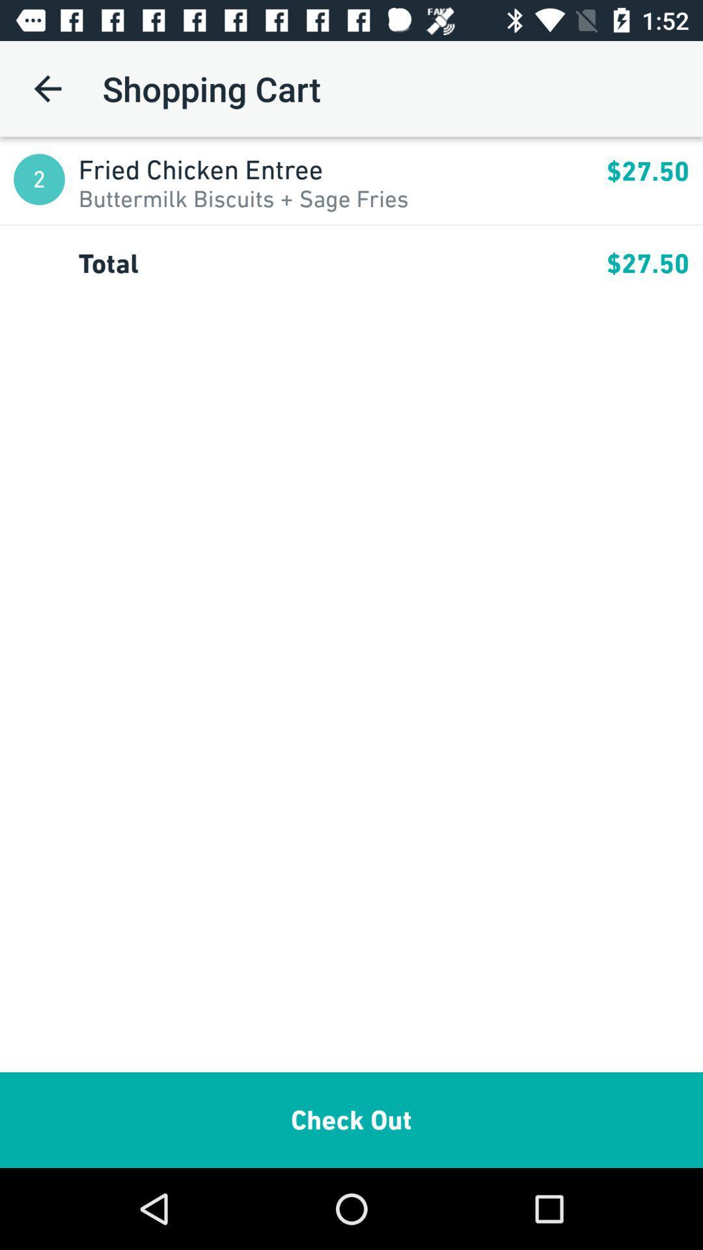  Describe the element at coordinates (342, 262) in the screenshot. I see `total app` at that location.